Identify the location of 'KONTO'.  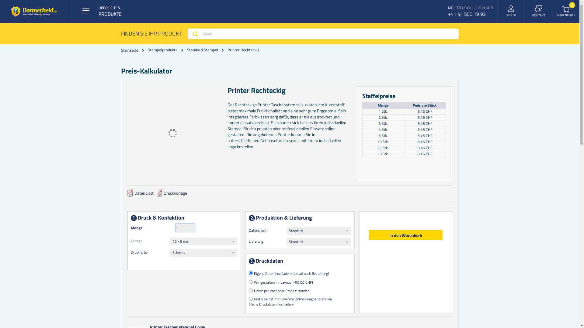
(511, 11).